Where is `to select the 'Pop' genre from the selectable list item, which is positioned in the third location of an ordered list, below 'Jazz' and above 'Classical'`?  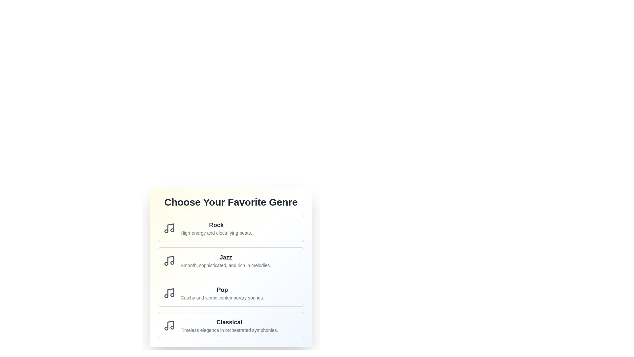 to select the 'Pop' genre from the selectable list item, which is positioned in the third location of an ordered list, below 'Jazz' and above 'Classical' is located at coordinates (231, 277).